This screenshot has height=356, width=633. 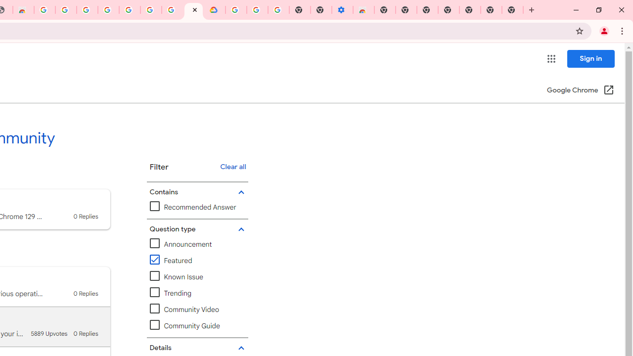 What do you see at coordinates (108, 10) in the screenshot?
I see `'Sign in - Google Accounts'` at bounding box center [108, 10].